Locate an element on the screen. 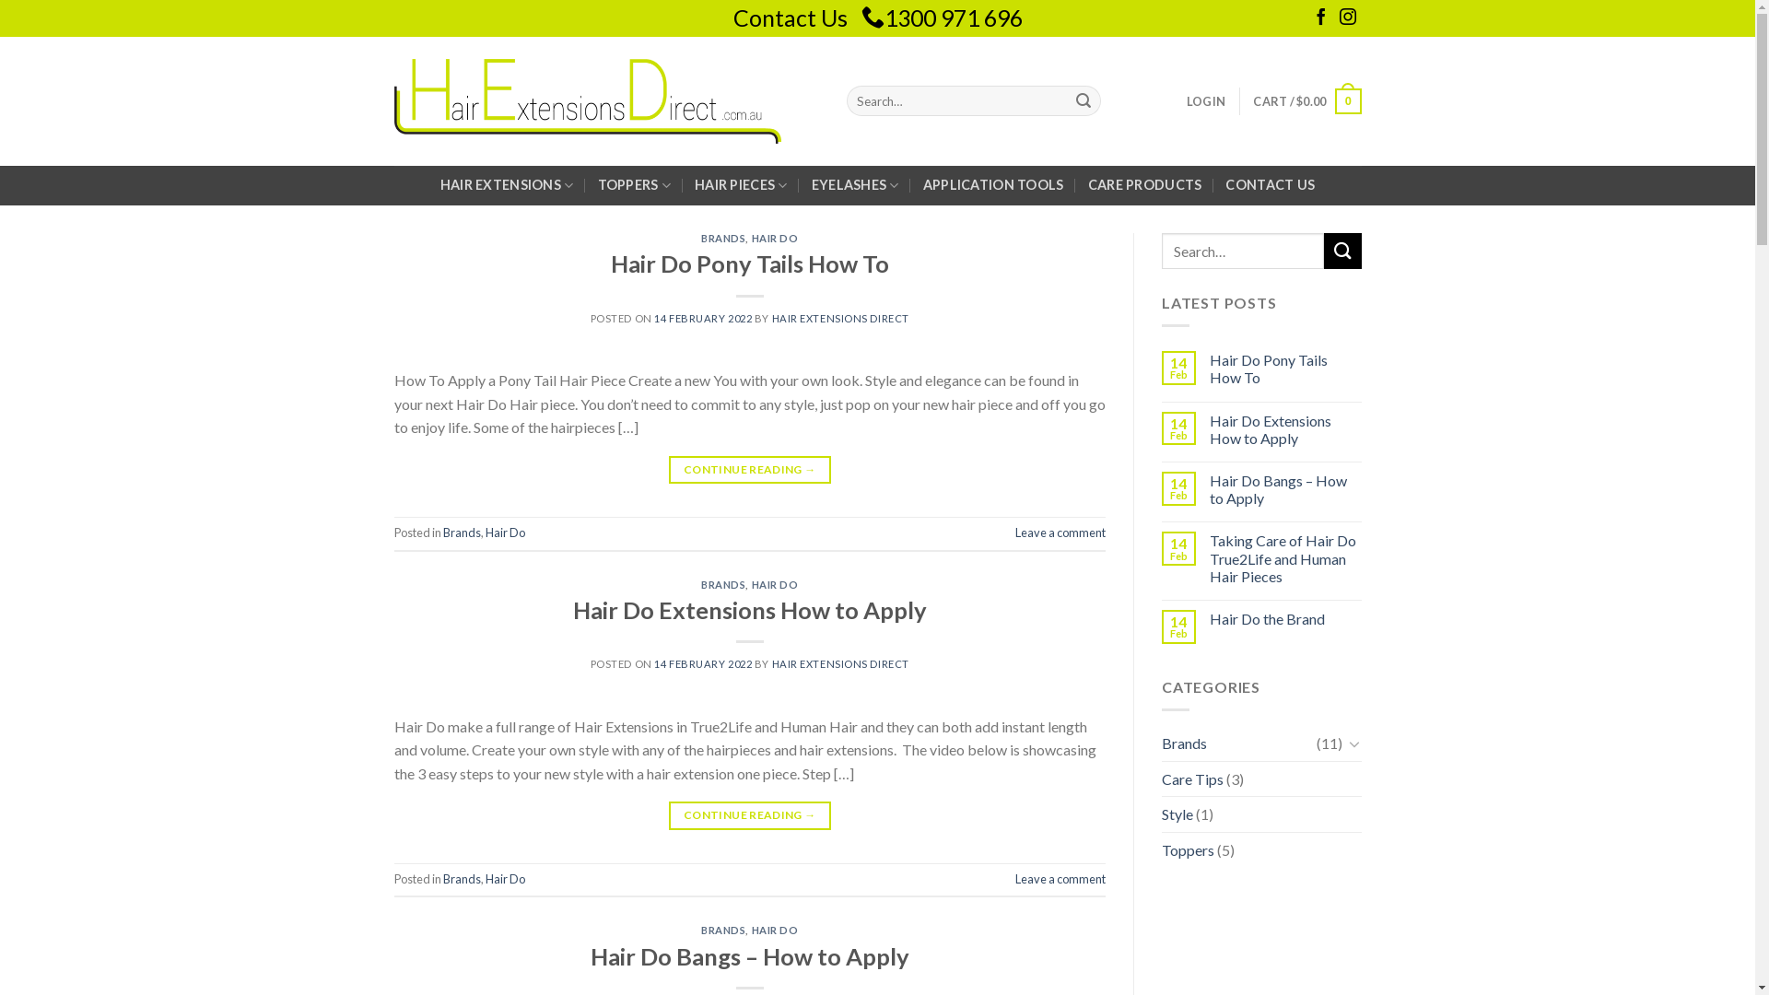 The image size is (1769, 995). '14 FEBRUARY 2022' is located at coordinates (702, 663).